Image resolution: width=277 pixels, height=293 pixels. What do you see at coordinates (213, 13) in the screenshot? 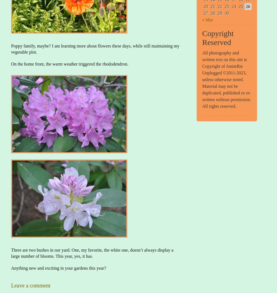
I see `'28'` at bounding box center [213, 13].